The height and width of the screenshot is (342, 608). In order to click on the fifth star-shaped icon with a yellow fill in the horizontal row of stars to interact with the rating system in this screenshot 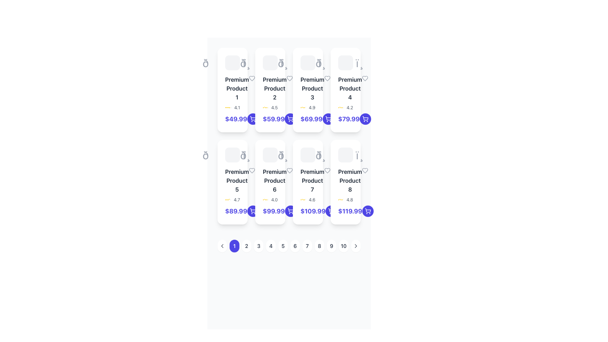, I will do `click(267, 107)`.